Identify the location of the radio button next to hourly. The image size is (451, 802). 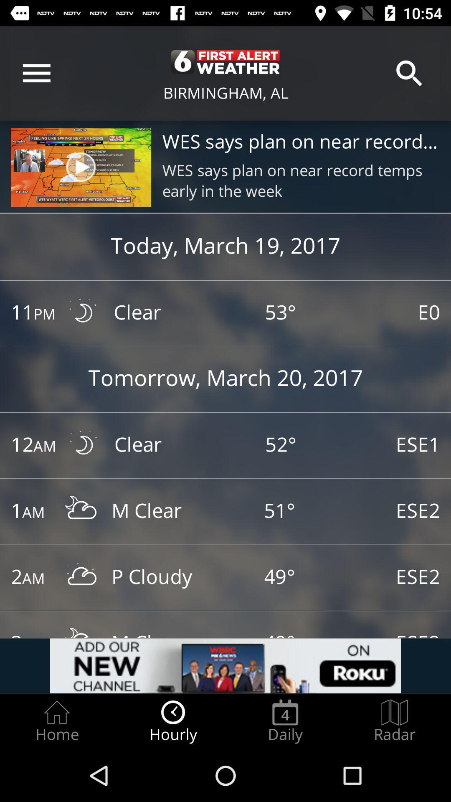
(285, 721).